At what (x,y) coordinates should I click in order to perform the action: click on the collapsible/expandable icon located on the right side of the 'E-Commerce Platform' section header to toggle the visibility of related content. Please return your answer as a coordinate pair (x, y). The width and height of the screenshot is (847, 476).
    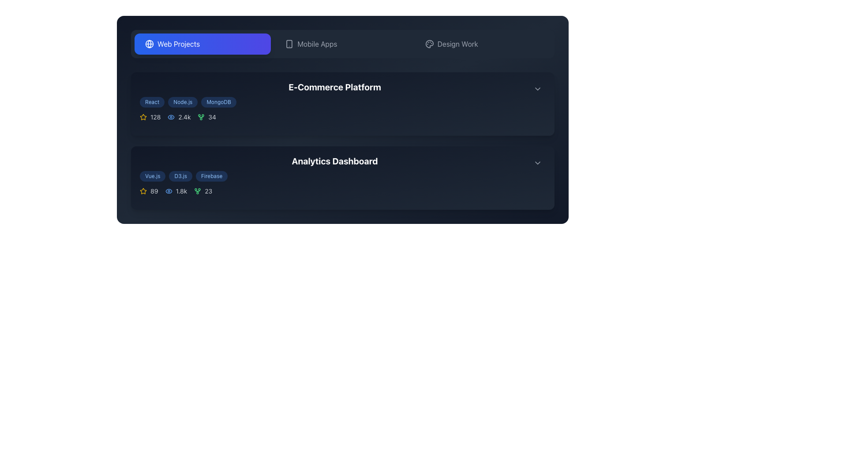
    Looking at the image, I should click on (537, 89).